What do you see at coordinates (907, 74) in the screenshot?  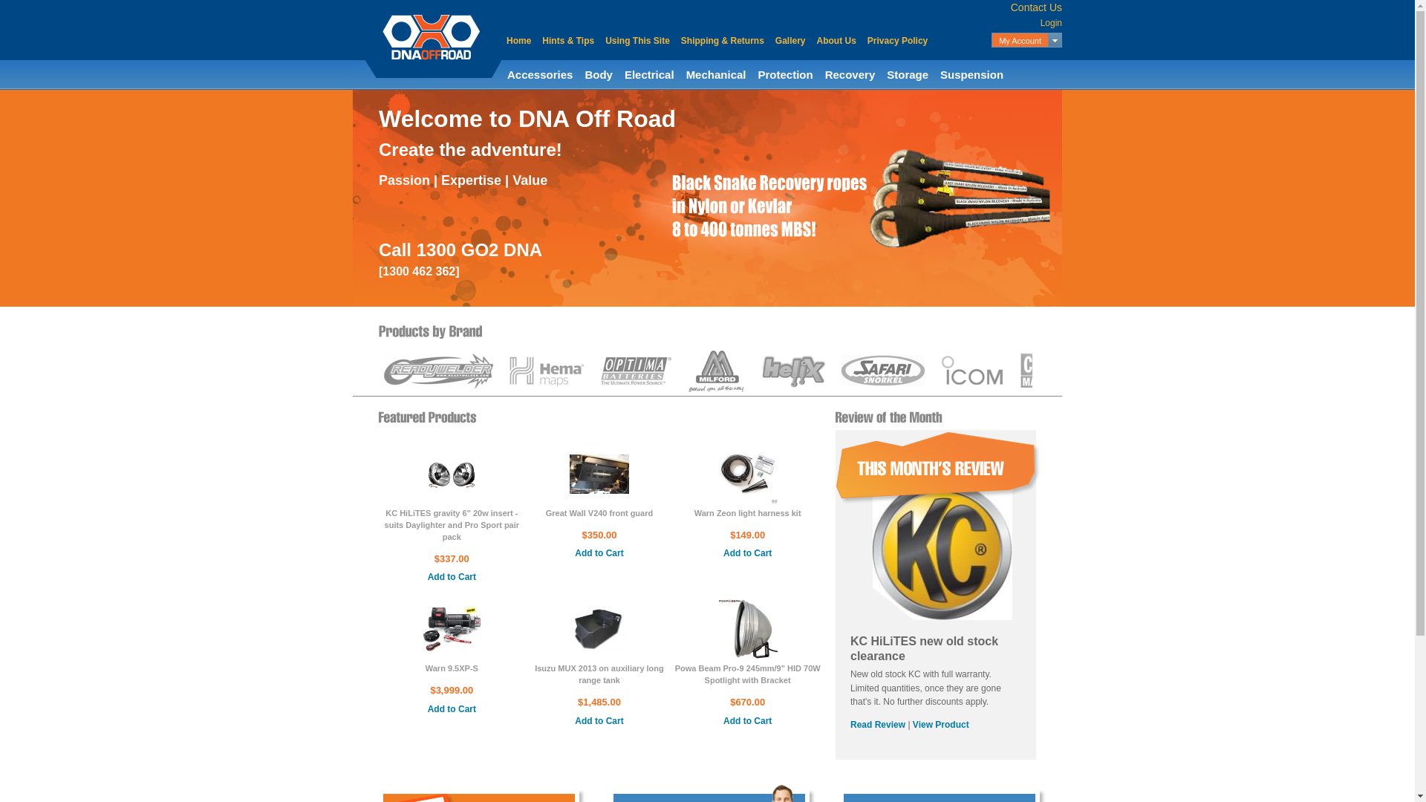 I see `'Storage'` at bounding box center [907, 74].